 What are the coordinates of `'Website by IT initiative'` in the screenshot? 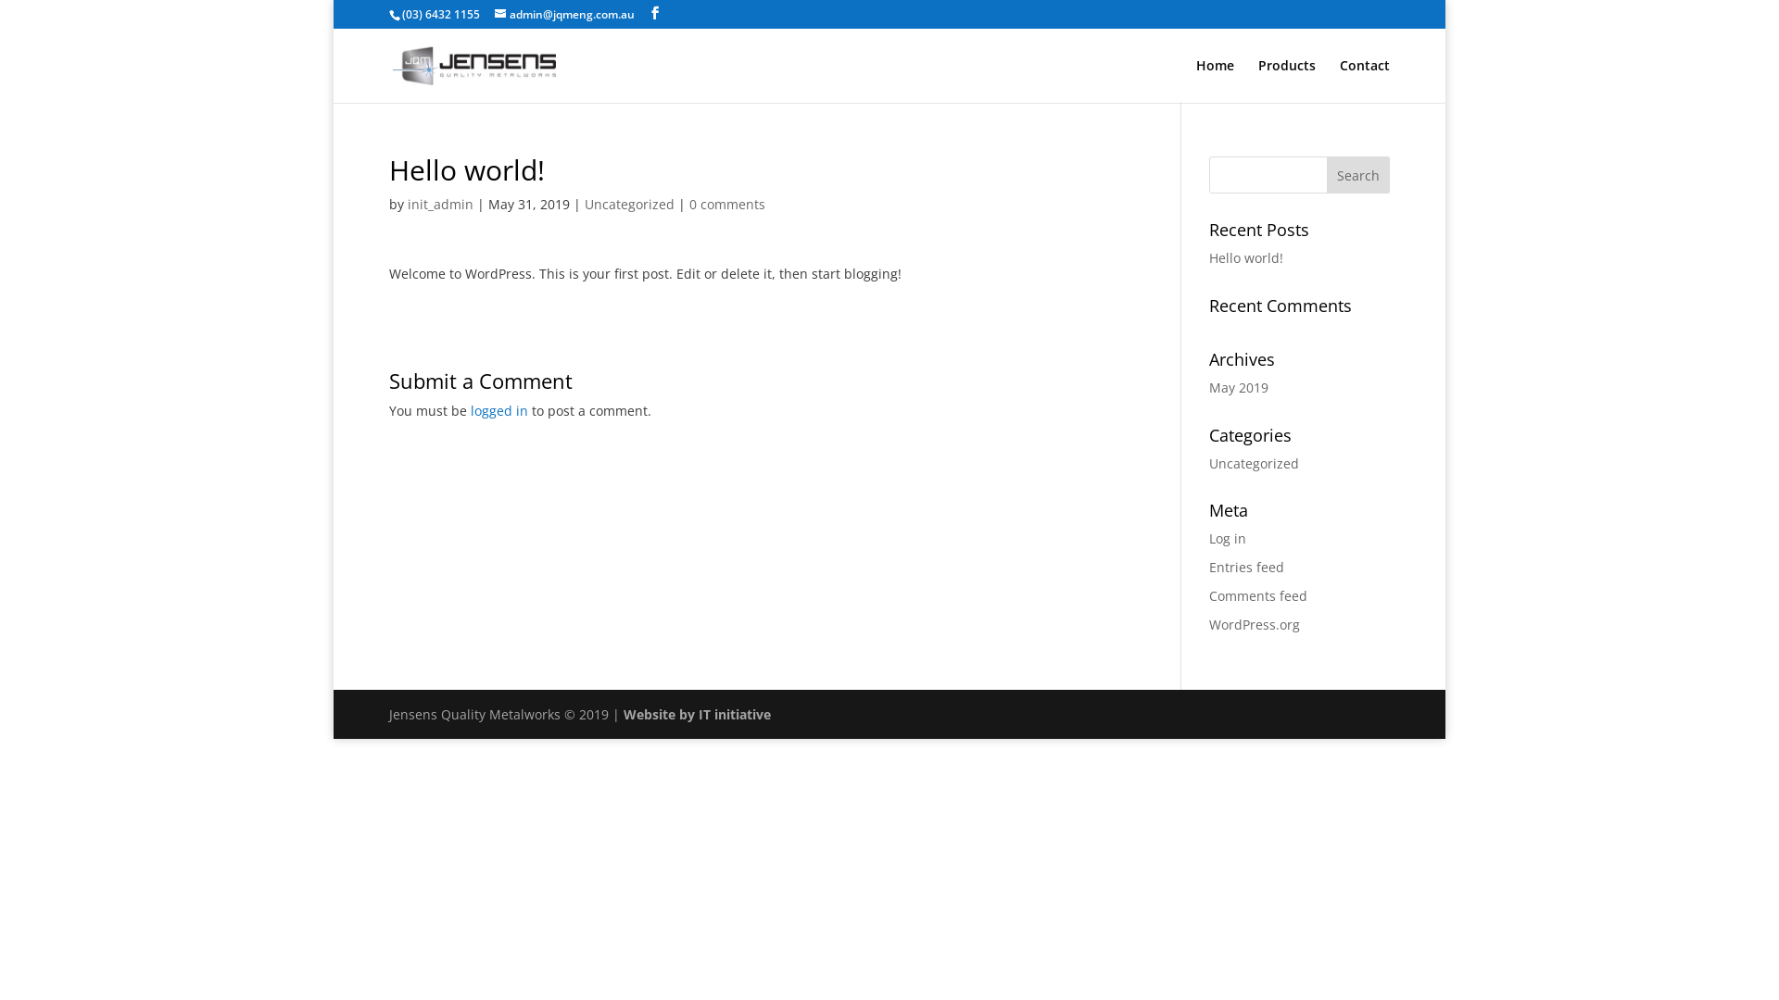 It's located at (623, 713).